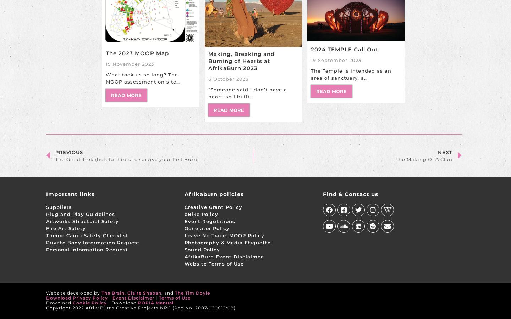 The image size is (511, 319). Describe the element at coordinates (207, 228) in the screenshot. I see `'Generator Policy'` at that location.